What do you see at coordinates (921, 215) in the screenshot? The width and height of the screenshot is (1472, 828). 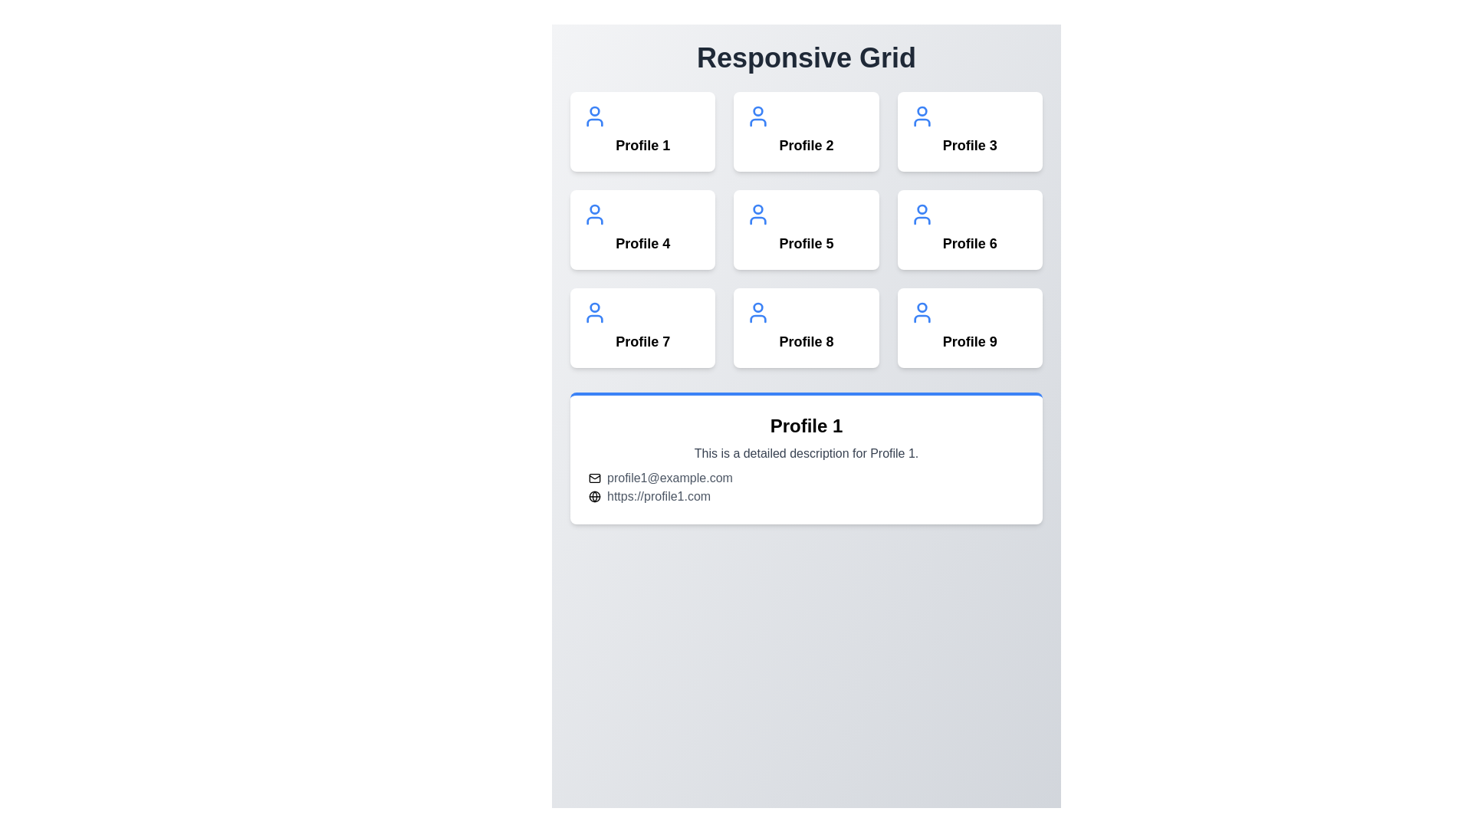 I see `the user profile icon associated with 'Profile 6', located at the top center of the card layout` at bounding box center [921, 215].